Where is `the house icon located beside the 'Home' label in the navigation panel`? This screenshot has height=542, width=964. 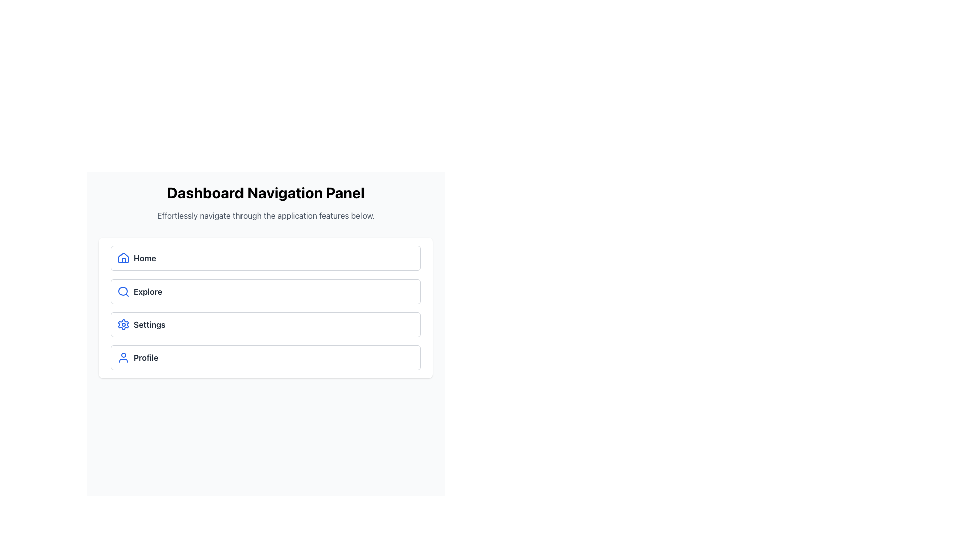 the house icon located beside the 'Home' label in the navigation panel is located at coordinates (123, 257).